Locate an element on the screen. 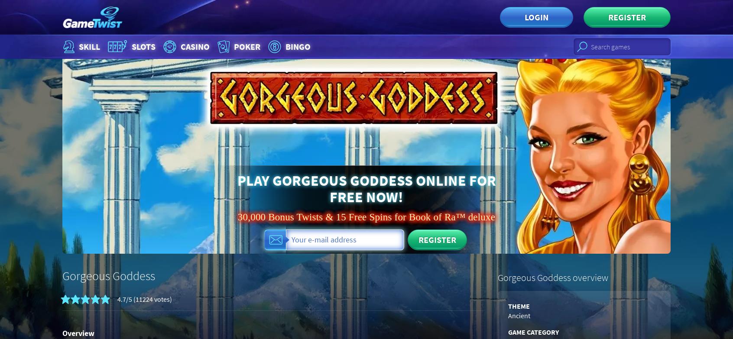  '4.7/5 (11224 votes)' is located at coordinates (144, 298).